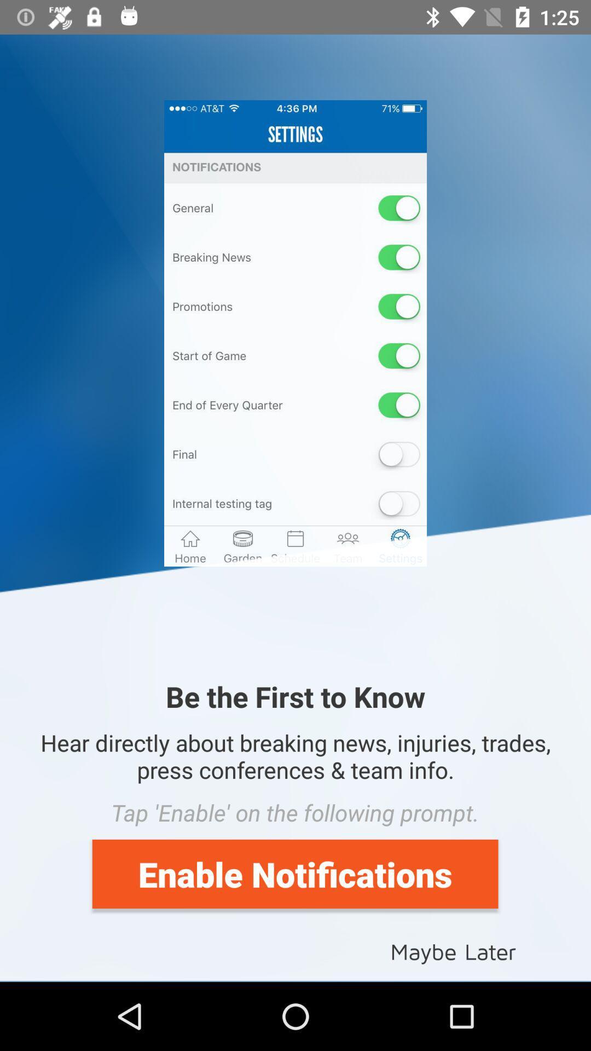  Describe the element at coordinates (294, 873) in the screenshot. I see `the icon above the maybe later` at that location.